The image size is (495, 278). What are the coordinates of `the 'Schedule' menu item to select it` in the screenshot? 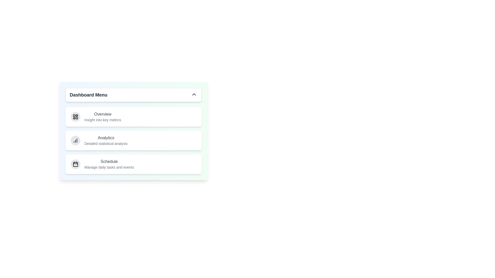 It's located at (109, 164).